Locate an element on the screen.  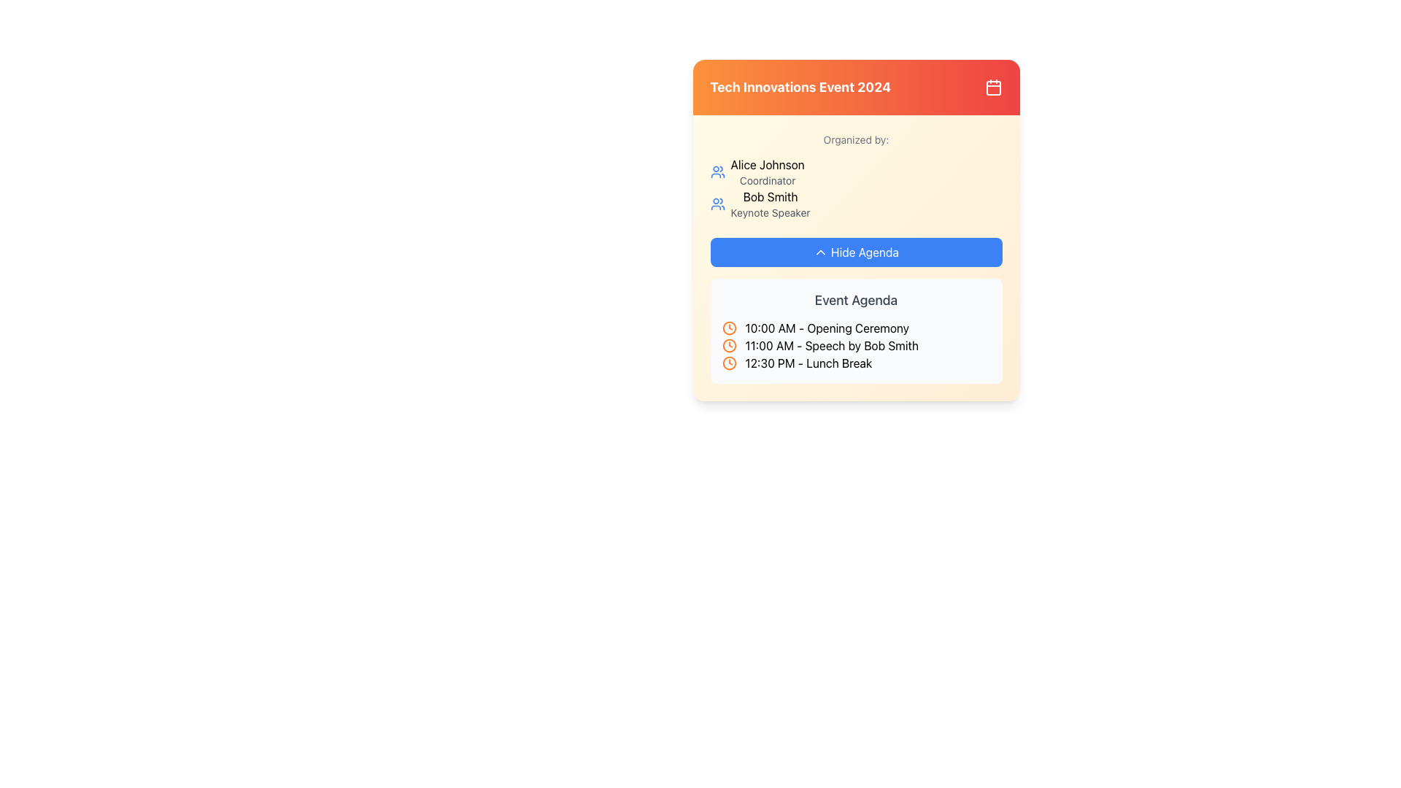
the blue outline icon depicting two overlapping head-and-shoulder shapes, which is located before the text 'Alice Johnson Coordinator' in the yellow card interface is located at coordinates (717, 171).